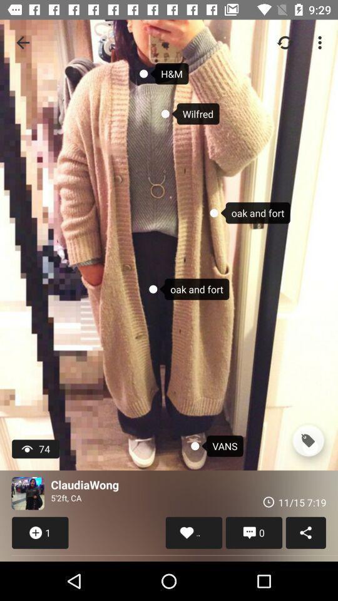  I want to click on tag toggle, so click(307, 441).